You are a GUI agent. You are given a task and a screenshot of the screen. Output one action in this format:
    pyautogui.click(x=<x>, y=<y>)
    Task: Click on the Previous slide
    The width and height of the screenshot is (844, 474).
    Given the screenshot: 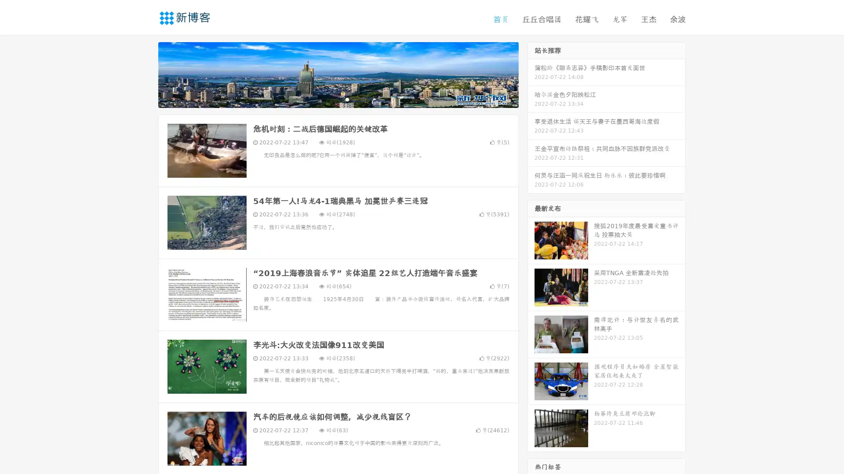 What is the action you would take?
    pyautogui.click(x=145, y=74)
    